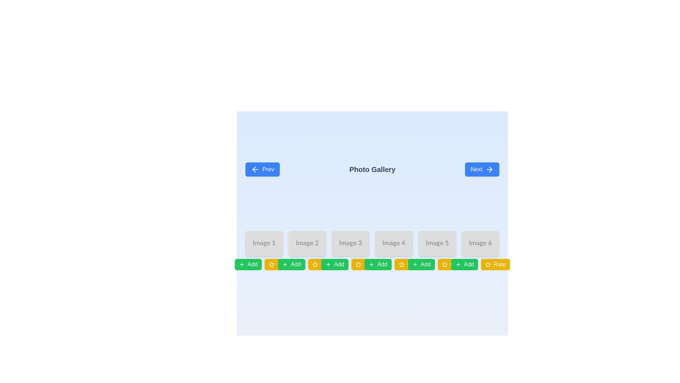 This screenshot has height=383, width=680. Describe the element at coordinates (271, 264) in the screenshot. I see `the star icon located under the second image thumbnail to rate the image` at that location.